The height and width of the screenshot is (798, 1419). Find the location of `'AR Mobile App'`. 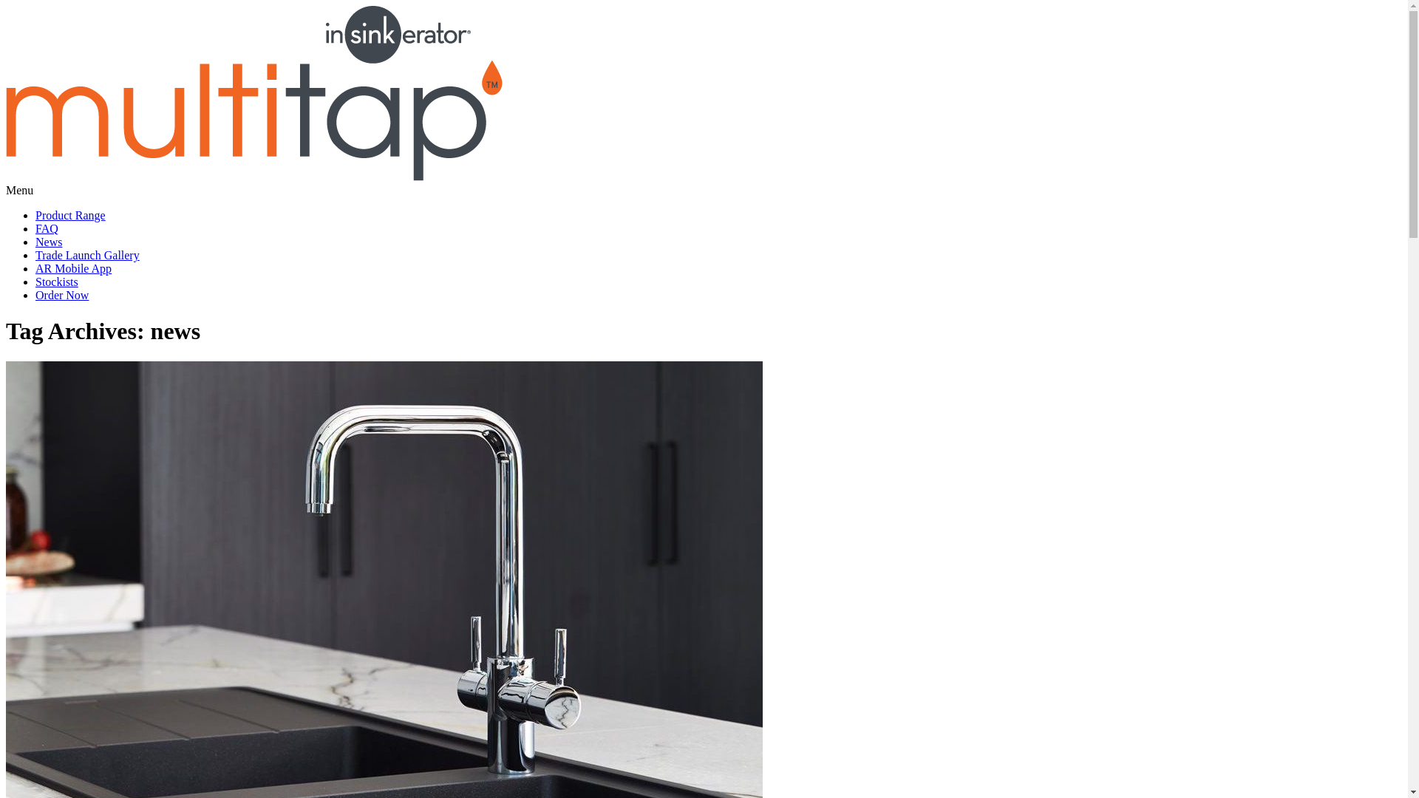

'AR Mobile App' is located at coordinates (72, 268).